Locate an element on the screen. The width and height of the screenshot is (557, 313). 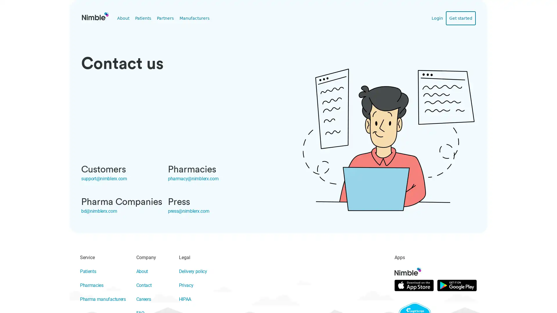
Partners is located at coordinates (162, 17).